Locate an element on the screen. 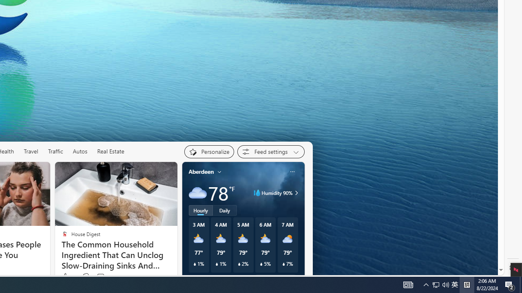 Image resolution: width=522 pixels, height=293 pixels. 'Daily' is located at coordinates (225, 210).